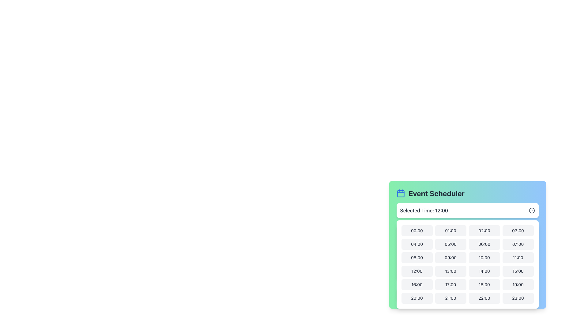  What do you see at coordinates (467, 249) in the screenshot?
I see `the time picker button labeled '06:00' with a light gray background in the Event Scheduler widget` at bounding box center [467, 249].